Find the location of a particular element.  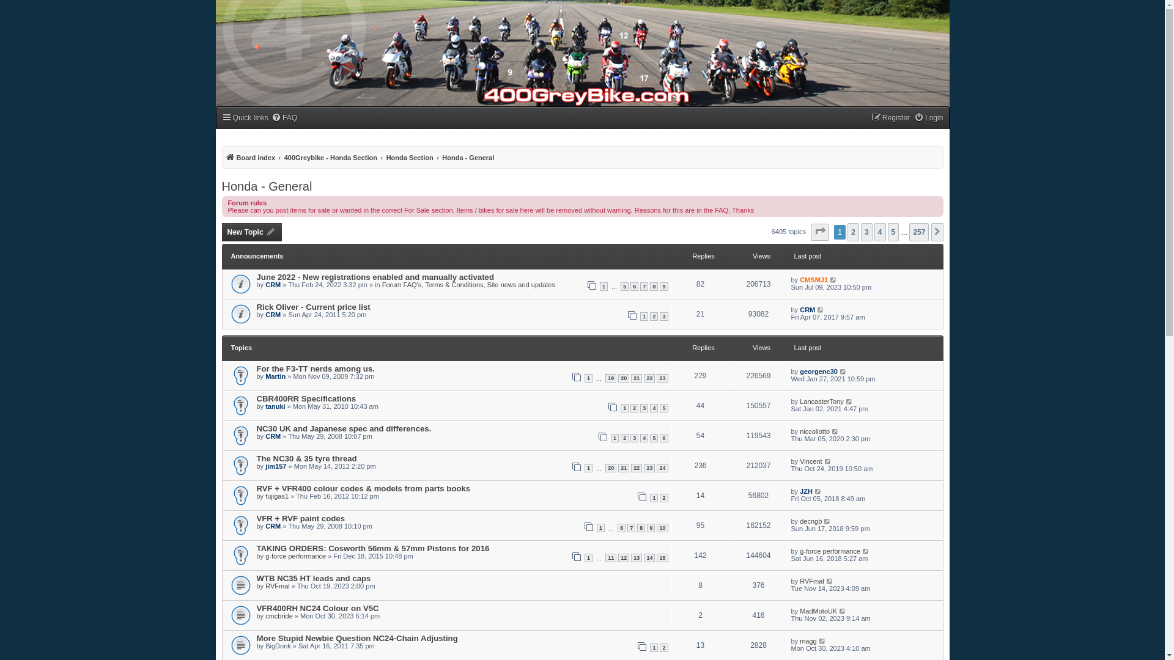

'Quick links' is located at coordinates (244, 118).